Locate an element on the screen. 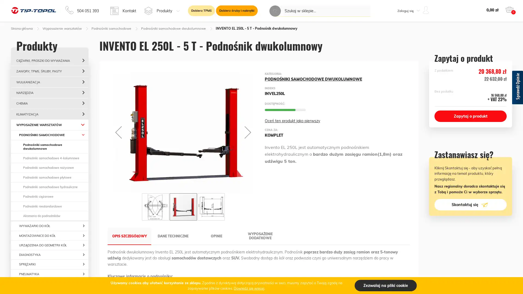 This screenshot has width=523, height=294. INVENTO EL 250L - 5 T - Podnosnik dwukolumnowy is located at coordinates (210, 207).